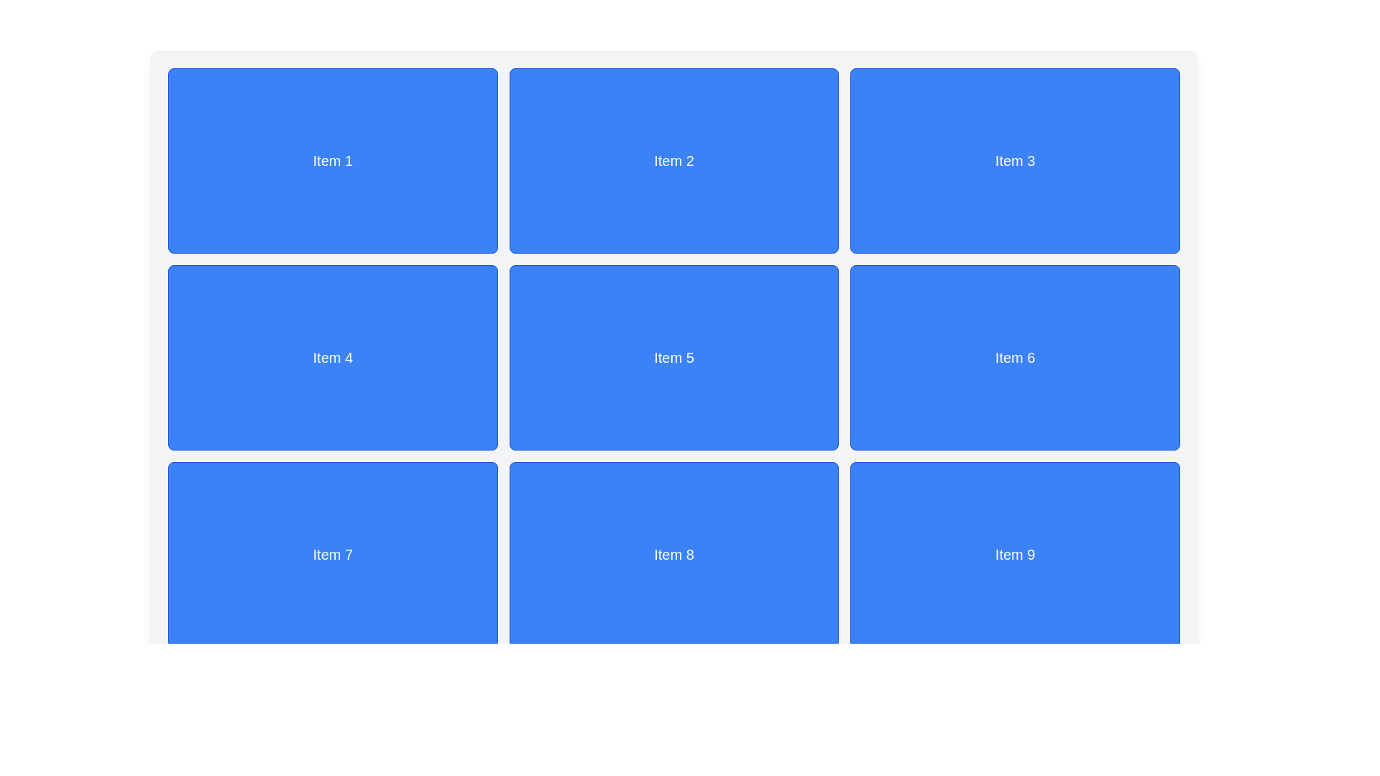 Image resolution: width=1380 pixels, height=776 pixels. I want to click on the Grid item with a blue background and white centered text reading 'Item 6', located in the second row and third column of a 3x3 grid layout, so click(1014, 356).